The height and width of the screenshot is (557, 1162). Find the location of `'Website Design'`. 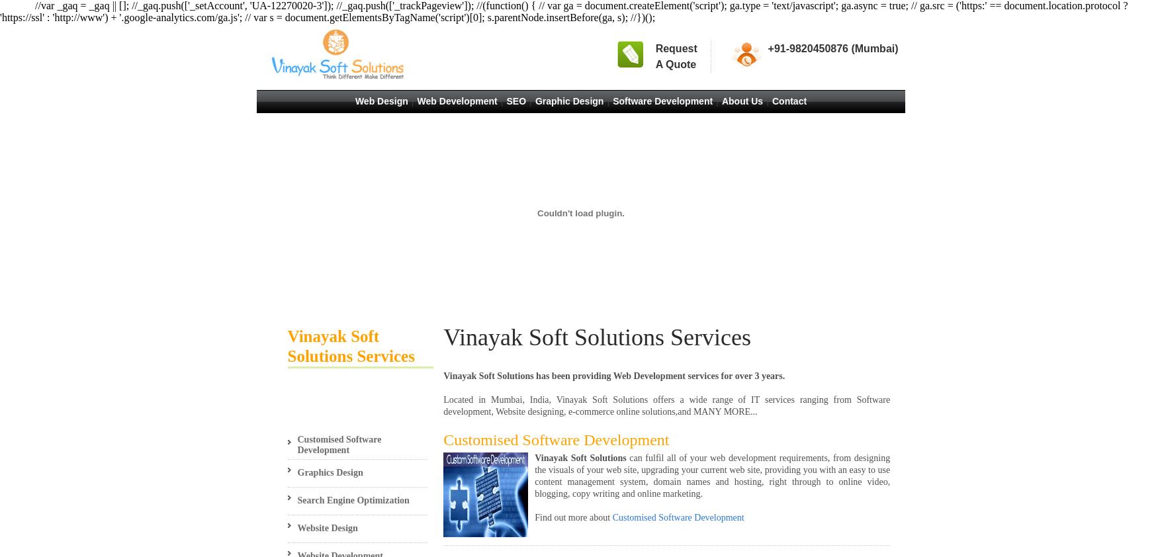

'Website Design' is located at coordinates (327, 528).